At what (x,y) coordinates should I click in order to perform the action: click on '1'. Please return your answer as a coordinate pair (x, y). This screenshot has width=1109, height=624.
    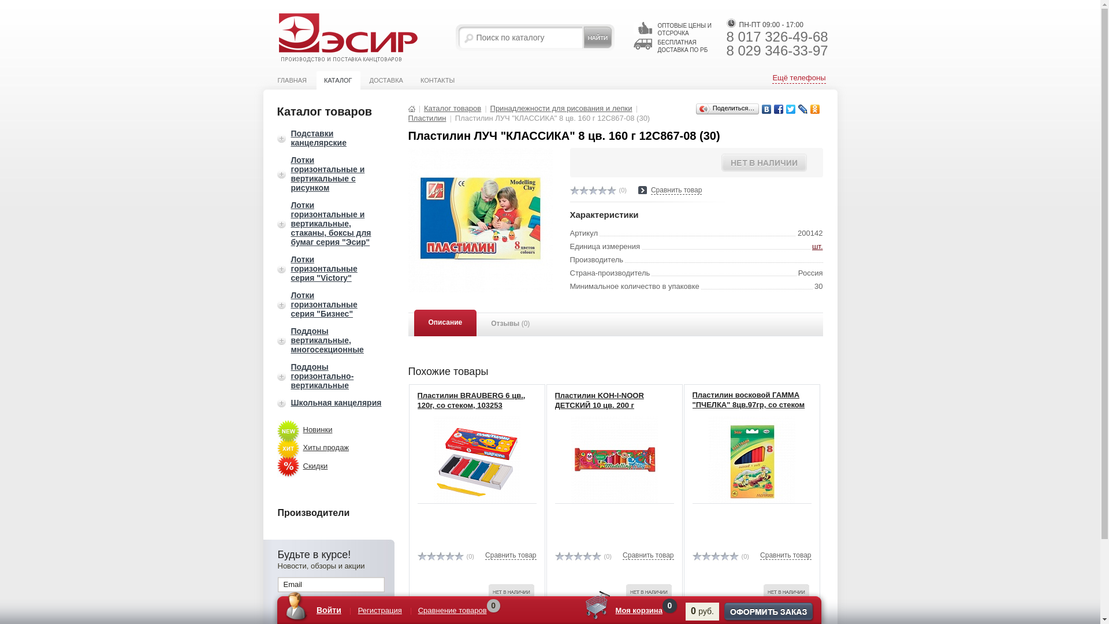
    Looking at the image, I should click on (574, 190).